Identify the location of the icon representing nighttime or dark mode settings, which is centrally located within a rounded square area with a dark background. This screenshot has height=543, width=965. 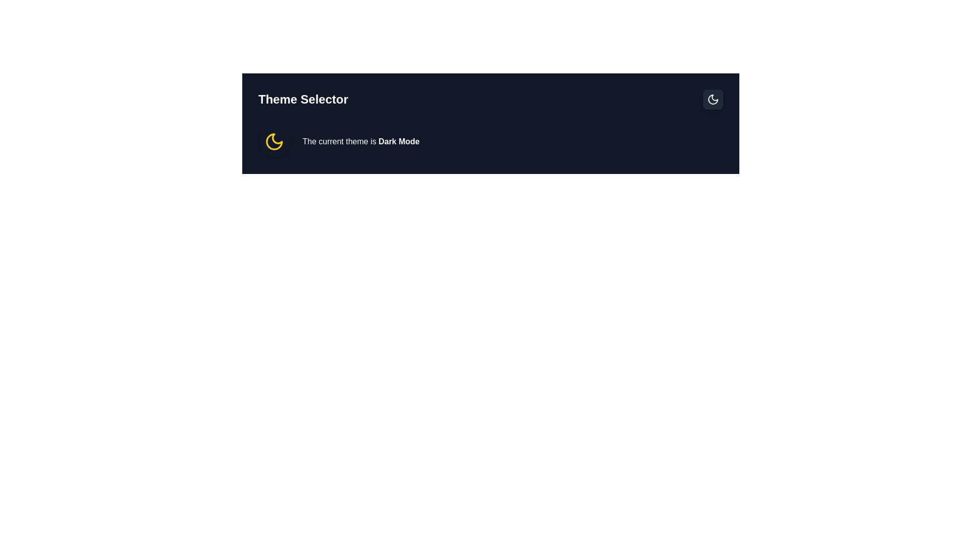
(713, 99).